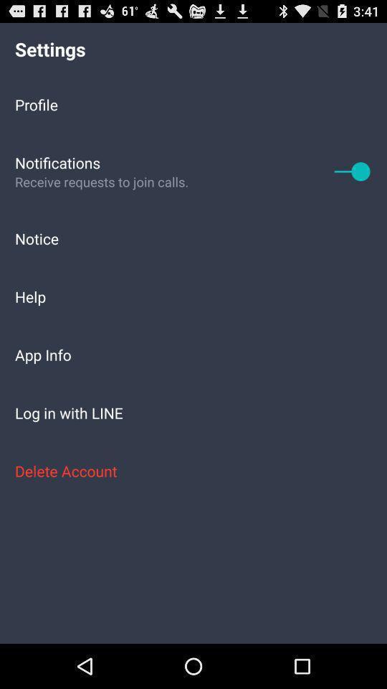 This screenshot has height=689, width=387. What do you see at coordinates (193, 354) in the screenshot?
I see `the item above the log in with` at bounding box center [193, 354].